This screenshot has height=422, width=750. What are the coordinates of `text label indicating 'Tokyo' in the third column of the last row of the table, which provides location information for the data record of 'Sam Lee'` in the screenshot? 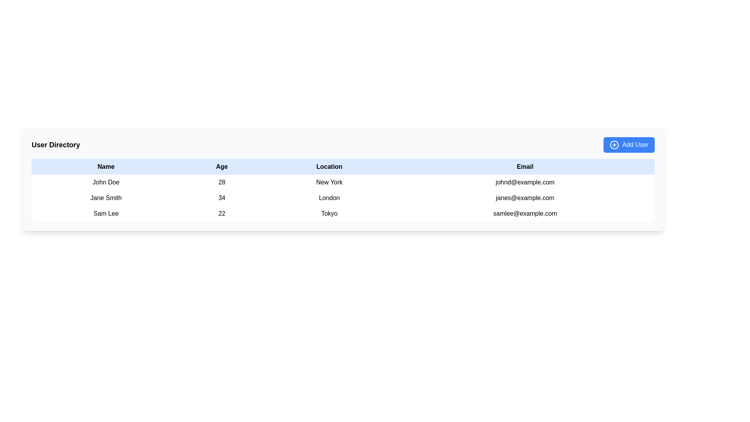 It's located at (329, 214).